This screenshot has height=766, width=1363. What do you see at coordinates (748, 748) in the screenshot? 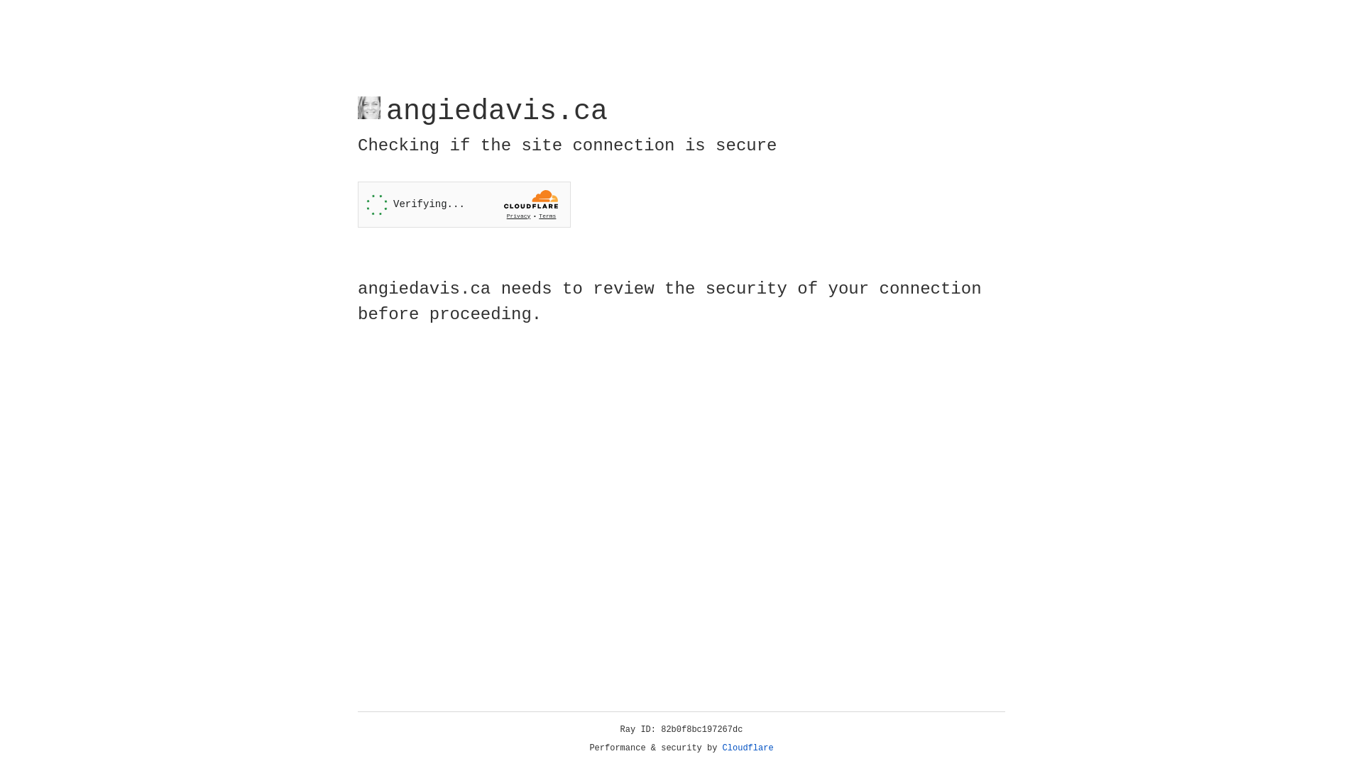
I see `'Cloudflare'` at bounding box center [748, 748].